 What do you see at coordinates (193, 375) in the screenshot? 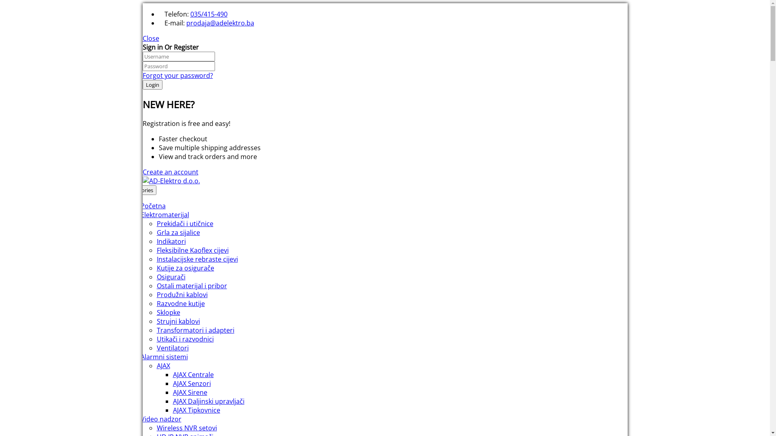
I see `'AJAX Centrale'` at bounding box center [193, 375].